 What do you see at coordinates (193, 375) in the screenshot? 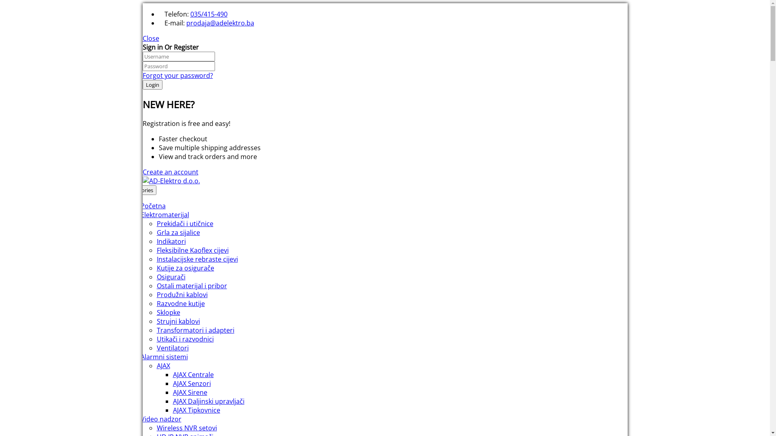
I see `'AJAX Centrale'` at bounding box center [193, 375].